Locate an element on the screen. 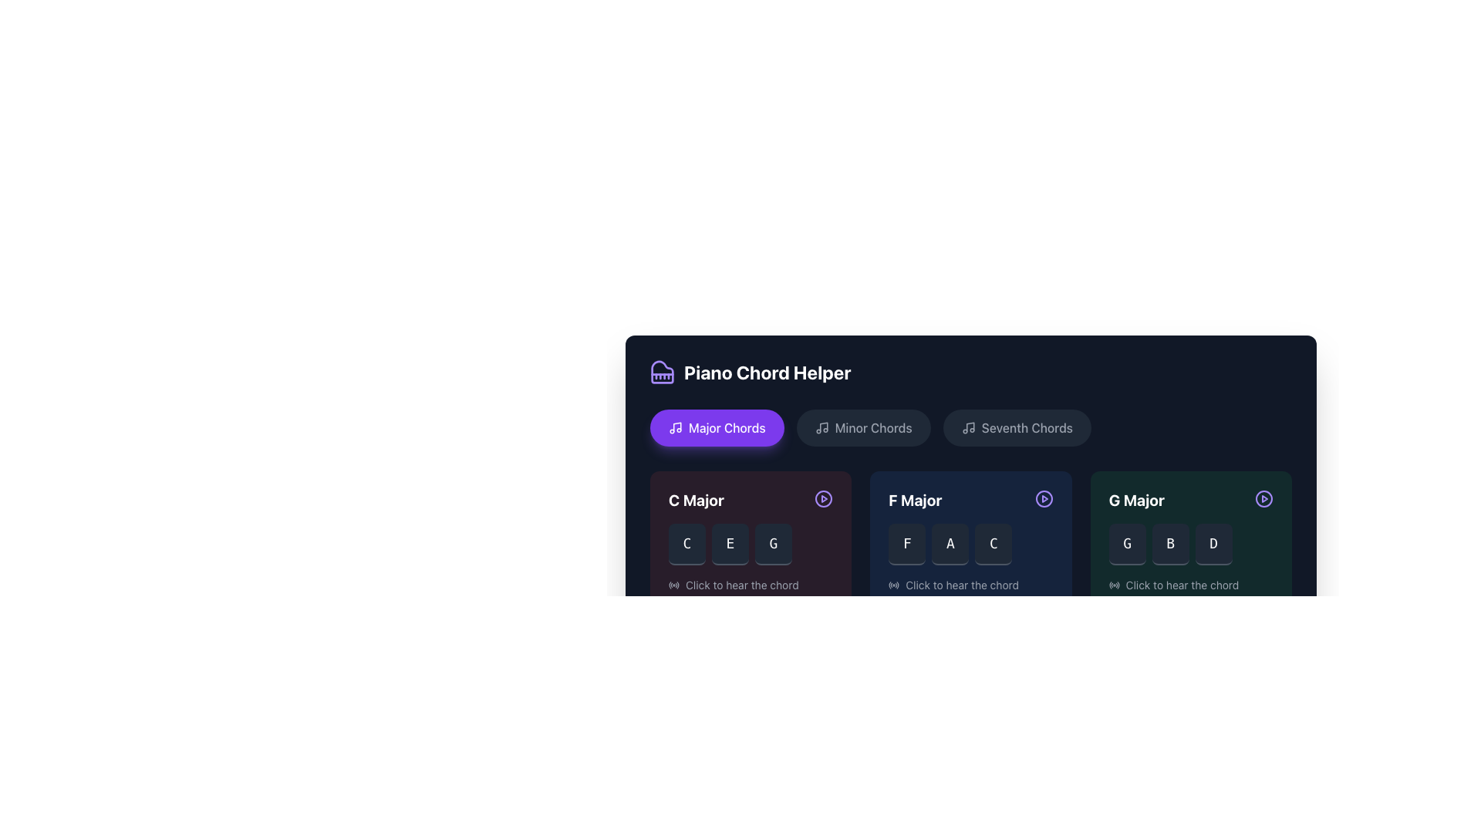 The image size is (1481, 833). the small musical note icon located within the 'Minor Chords' button, positioned to the left of the button's text is located at coordinates (821, 428).